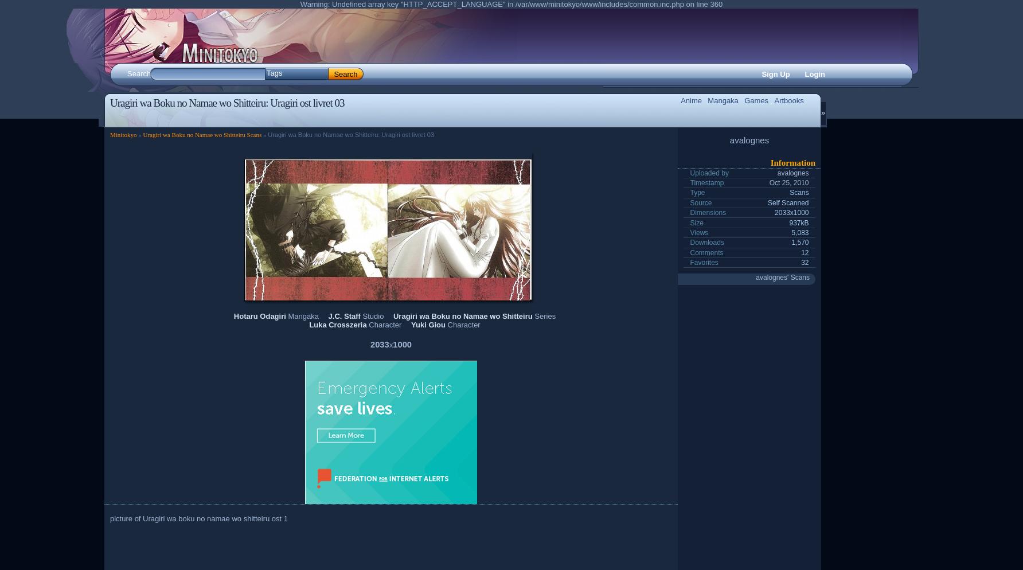 Image resolution: width=1023 pixels, height=570 pixels. I want to click on '2033', so click(369, 344).